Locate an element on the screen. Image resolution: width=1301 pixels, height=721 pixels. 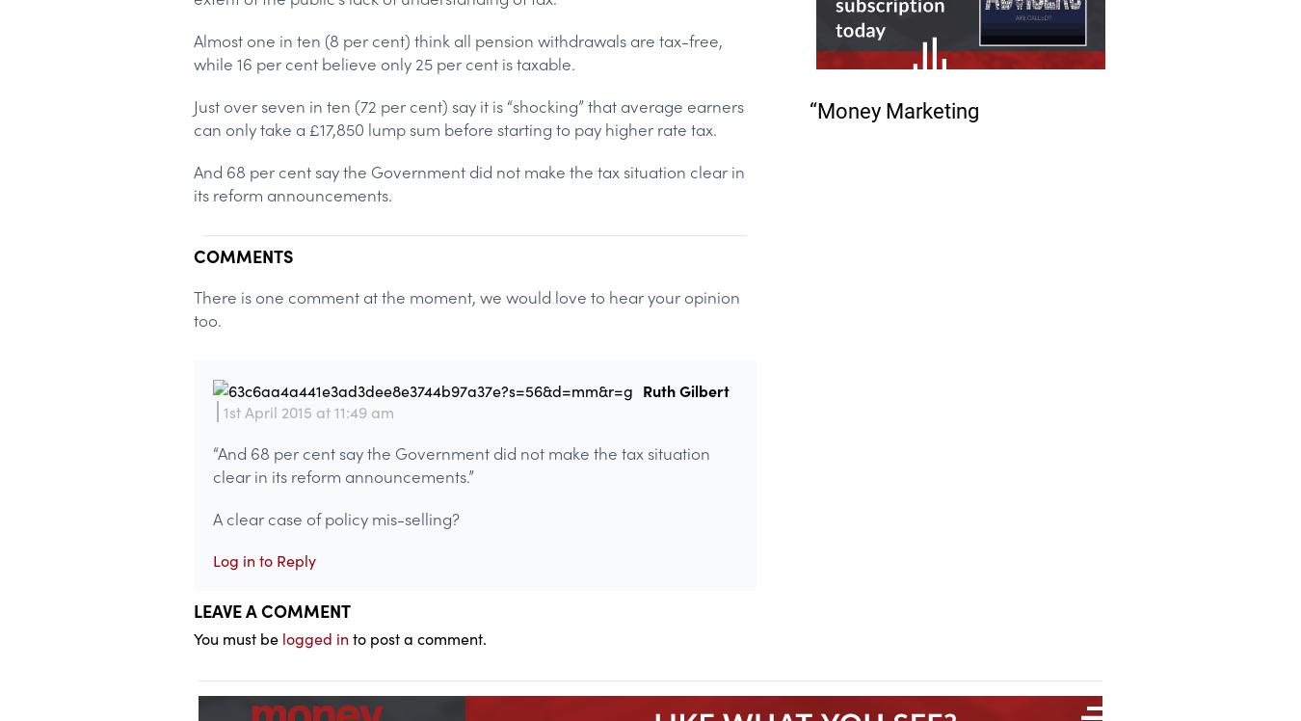
'Comments' is located at coordinates (242, 254).